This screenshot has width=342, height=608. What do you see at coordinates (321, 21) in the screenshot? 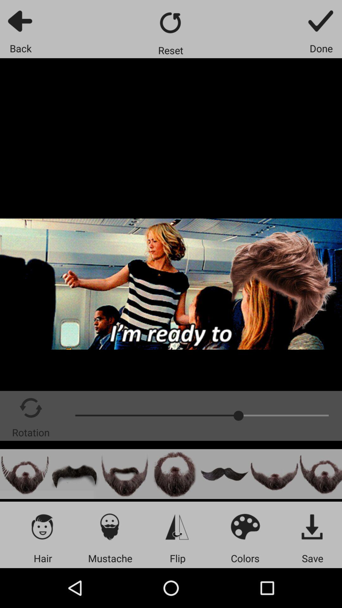
I see `finish editing` at bounding box center [321, 21].